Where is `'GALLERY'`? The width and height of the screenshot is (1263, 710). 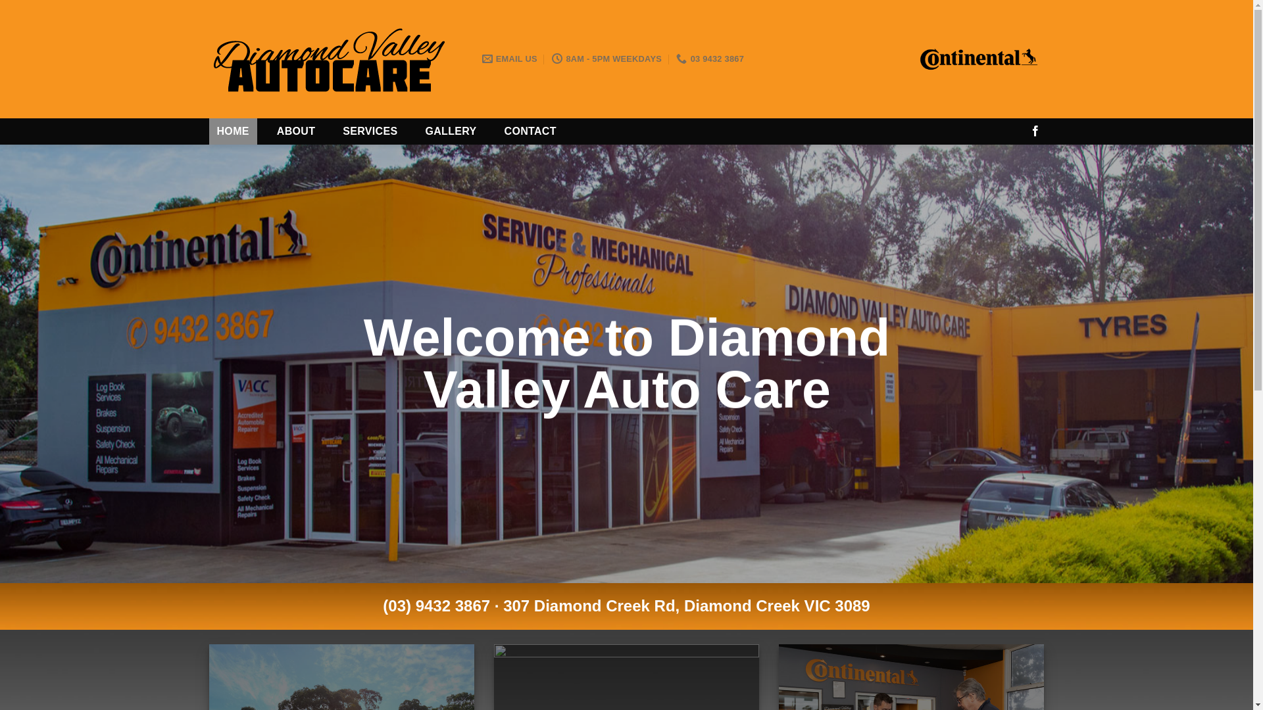 'GALLERY' is located at coordinates (451, 131).